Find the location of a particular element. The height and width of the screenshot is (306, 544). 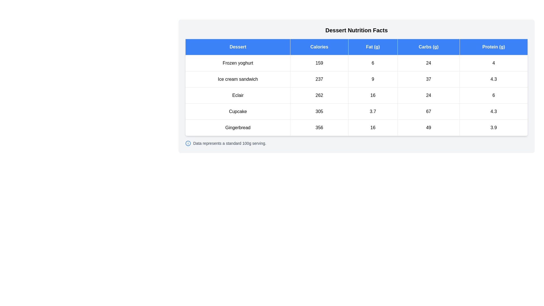

the text element corresponding to Frozen yoghurt is located at coordinates (238, 63).